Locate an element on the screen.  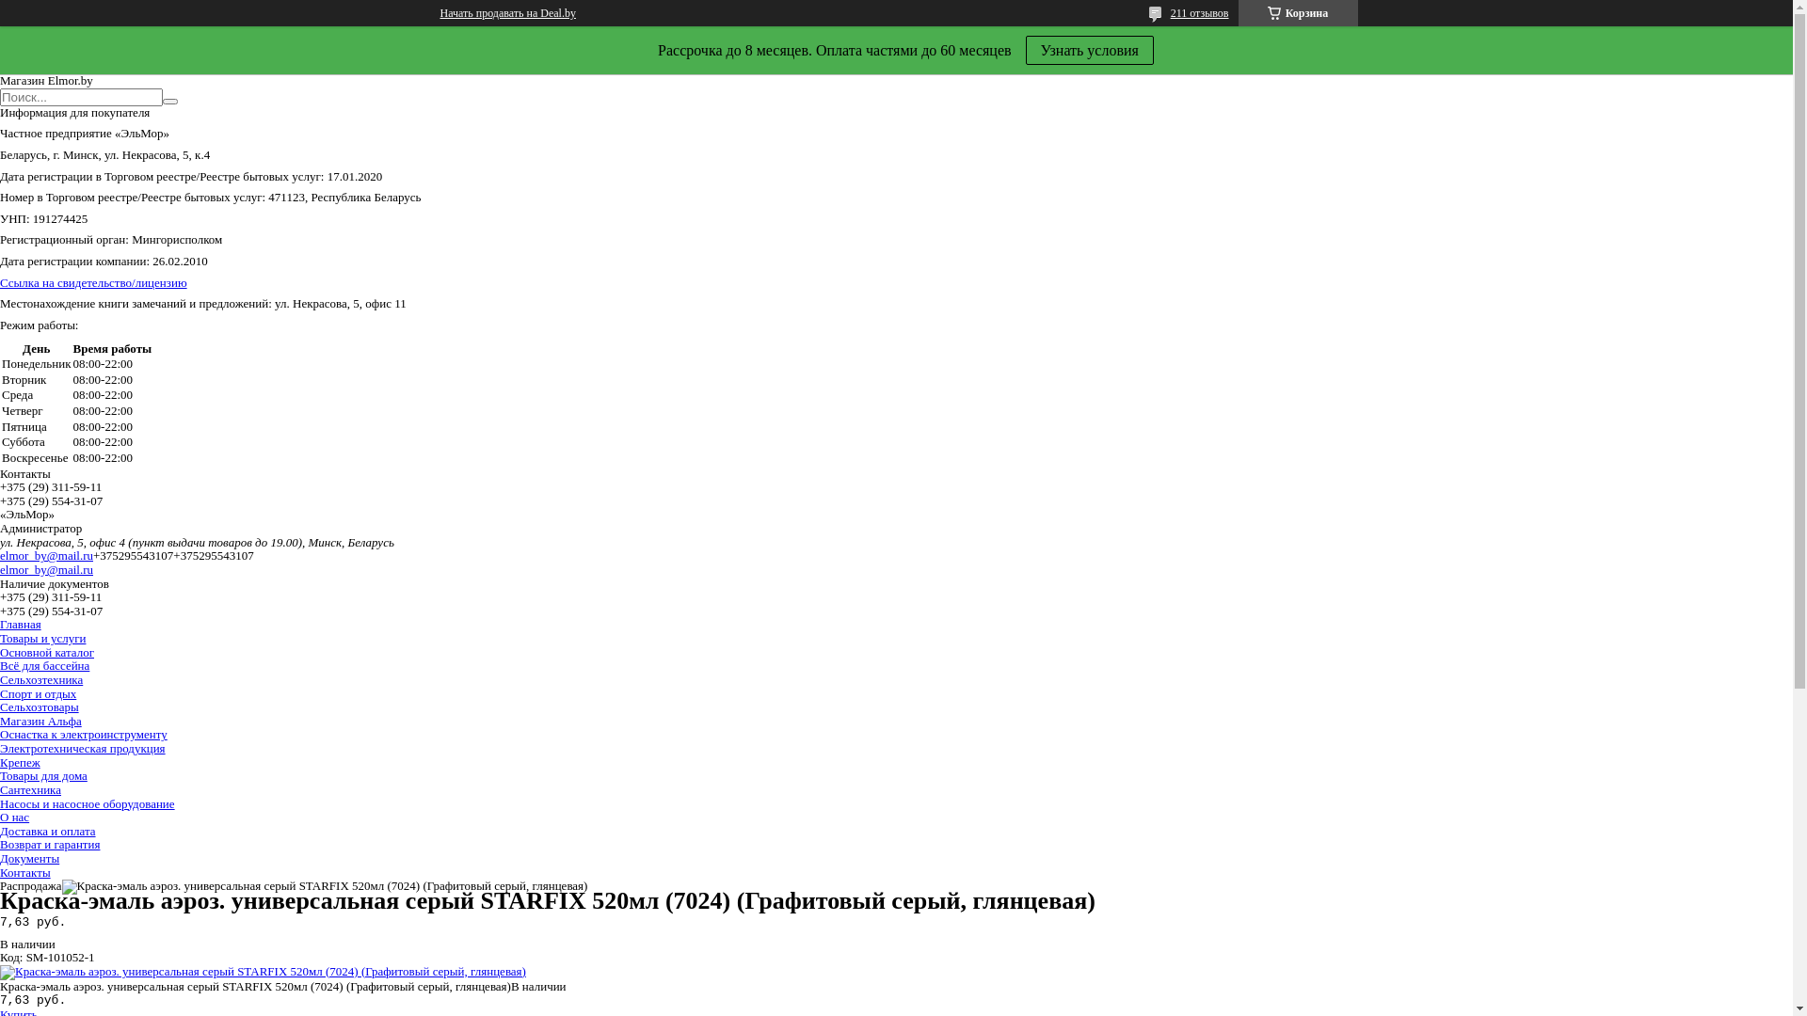
'elmor_by@mail.ru' is located at coordinates (46, 554).